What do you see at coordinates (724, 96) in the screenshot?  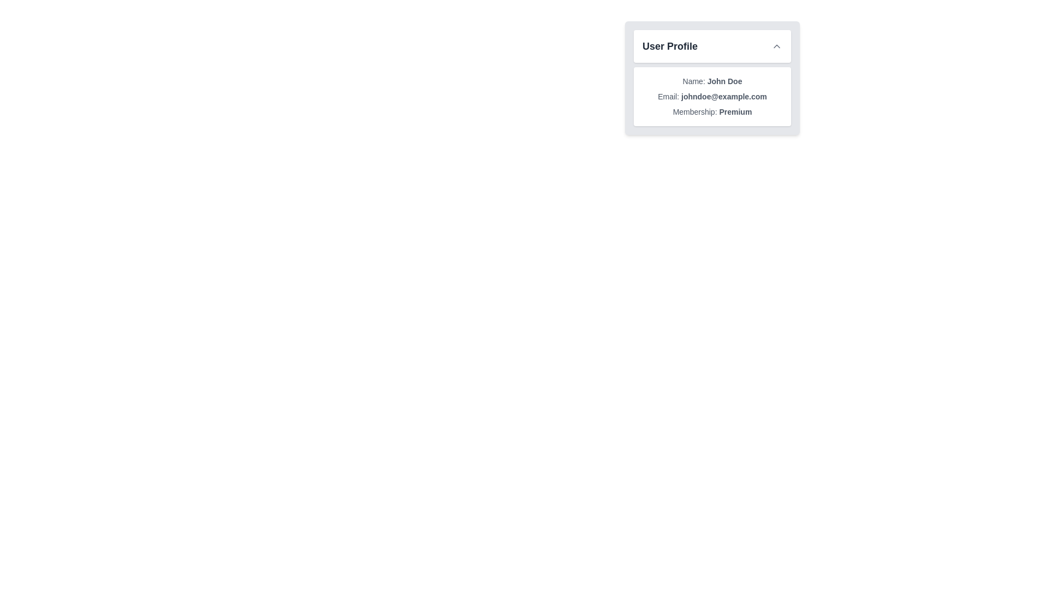 I see `the email address display located in the 'User Profile' card, positioned below the label 'Email:' and above the membership status` at bounding box center [724, 96].